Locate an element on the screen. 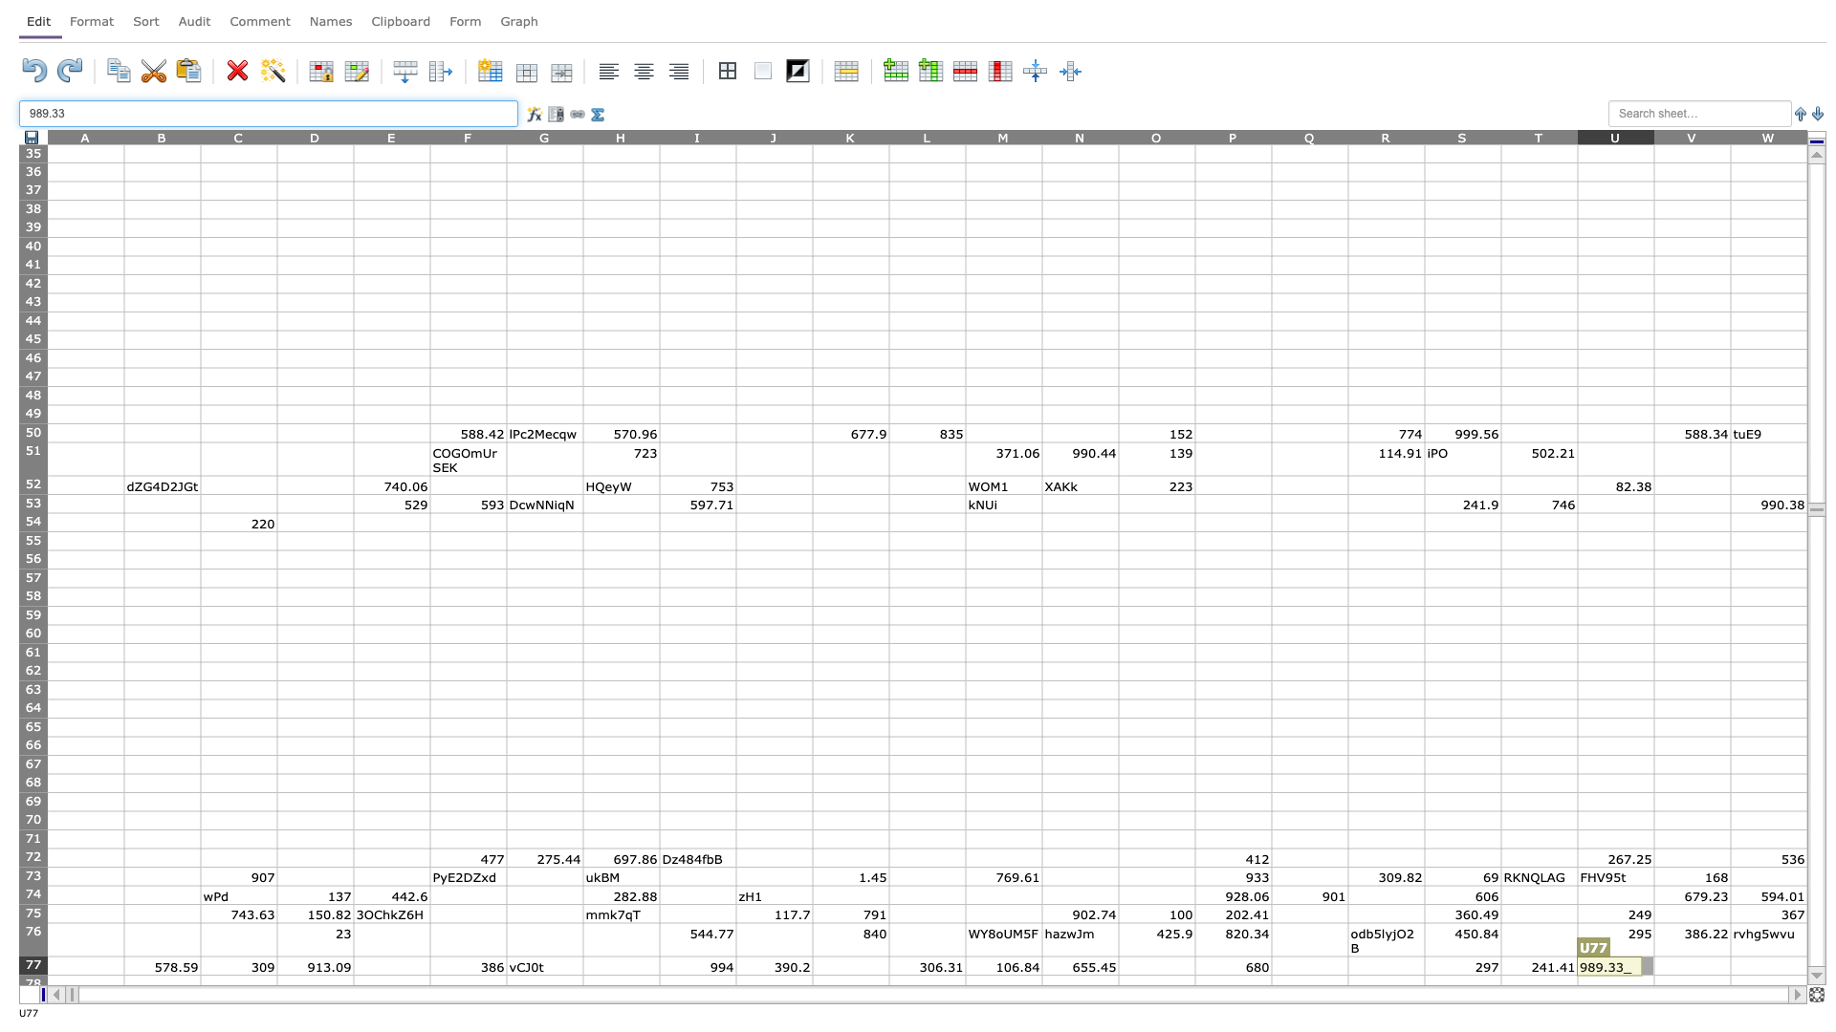 The image size is (1836, 1032). Upper left corner of cell B78 is located at coordinates (122, 975).